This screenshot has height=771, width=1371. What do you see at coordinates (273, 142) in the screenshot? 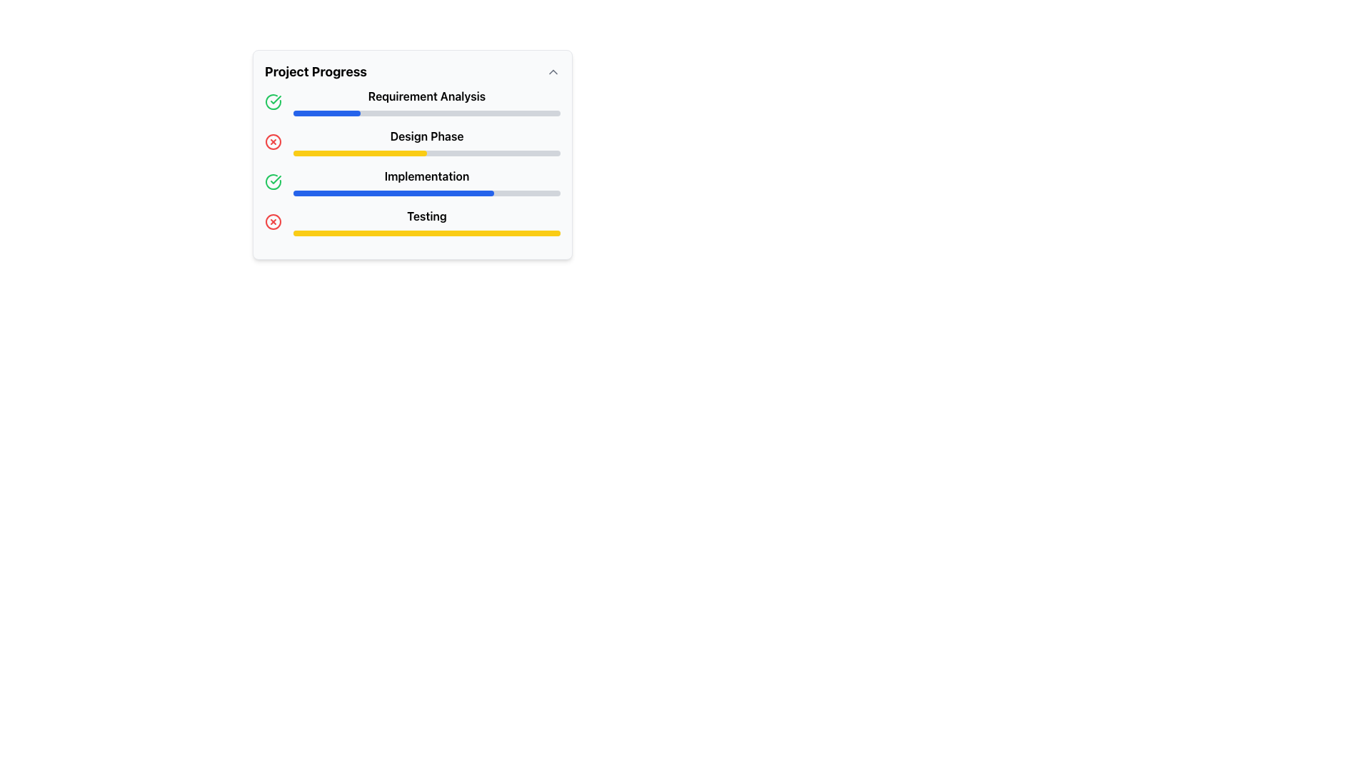
I see `the status indication by focusing on the red circular icon with an 'X' symbol located in the 'Design Phase' section of the Project Progress interface` at bounding box center [273, 142].